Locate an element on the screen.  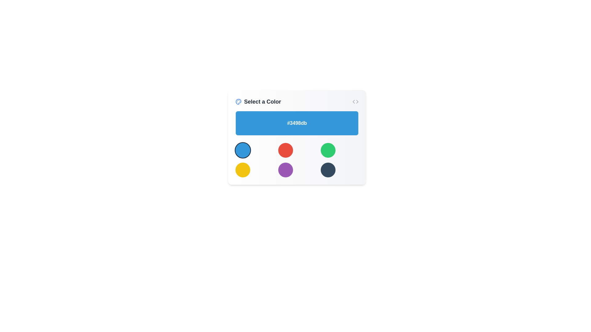
the text display showing the string '#3498db' within the blue rectangular area labeled 'Select a Color' is located at coordinates (297, 123).